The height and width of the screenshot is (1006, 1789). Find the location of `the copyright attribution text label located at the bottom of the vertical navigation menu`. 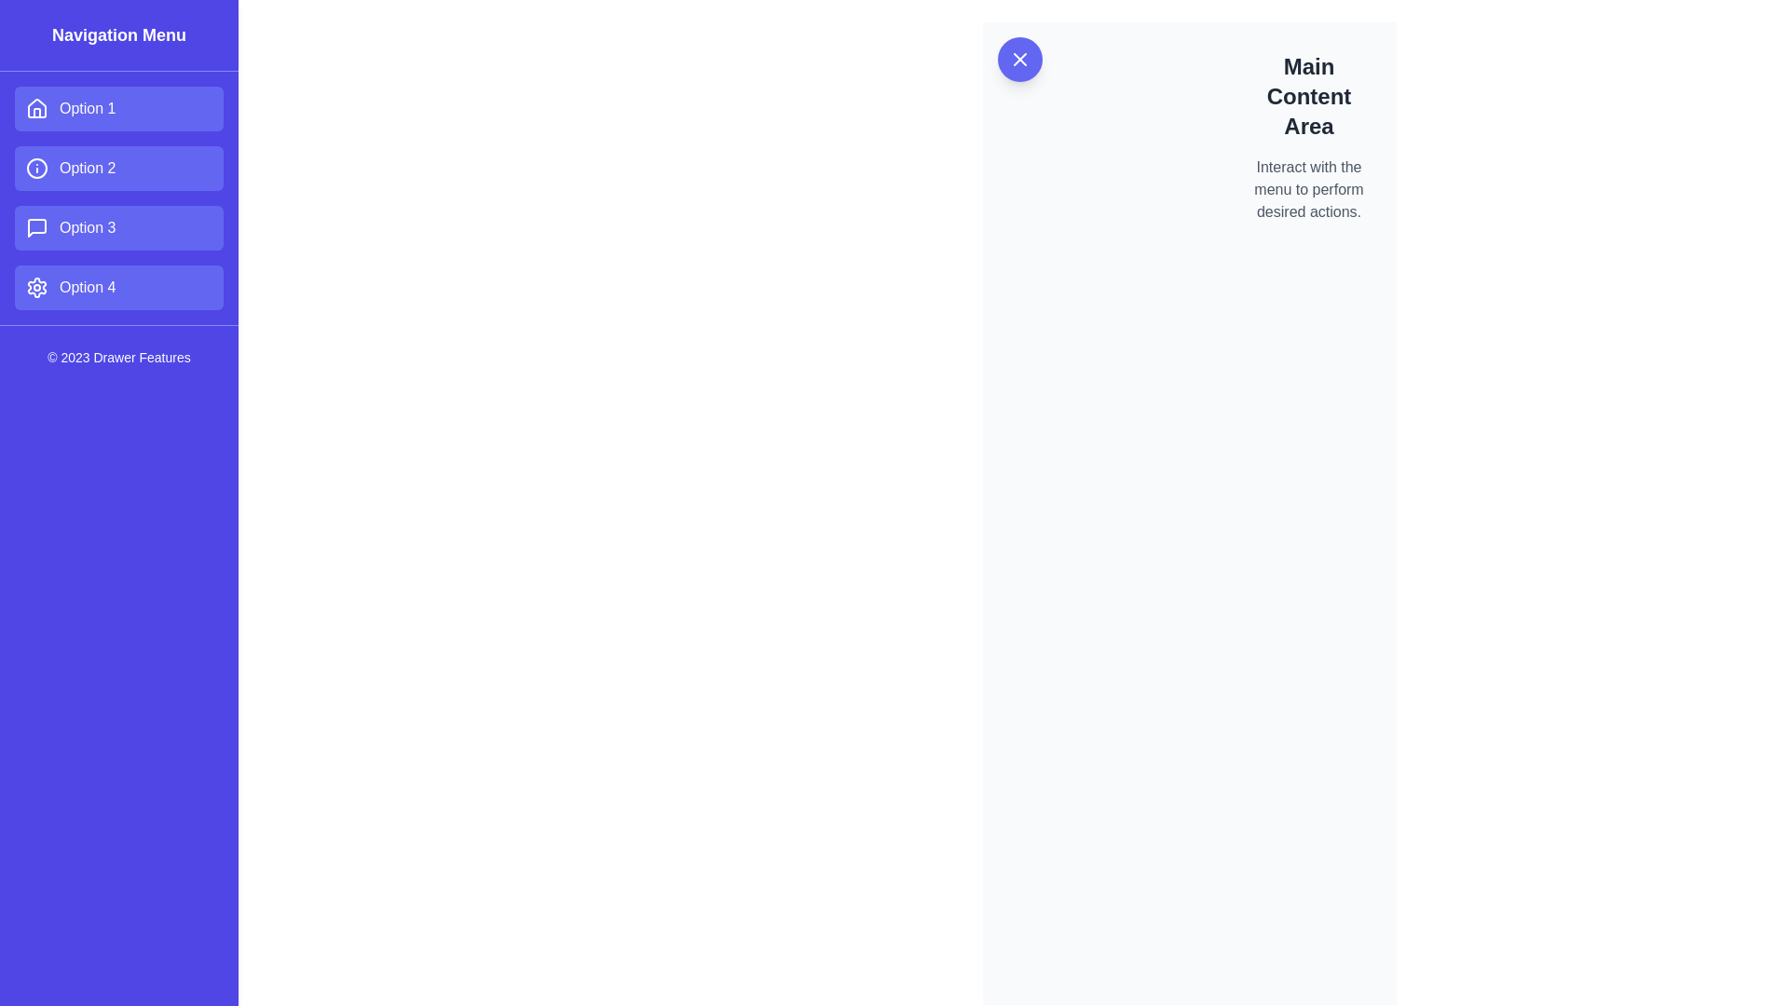

the copyright attribution text label located at the bottom of the vertical navigation menu is located at coordinates (118, 358).